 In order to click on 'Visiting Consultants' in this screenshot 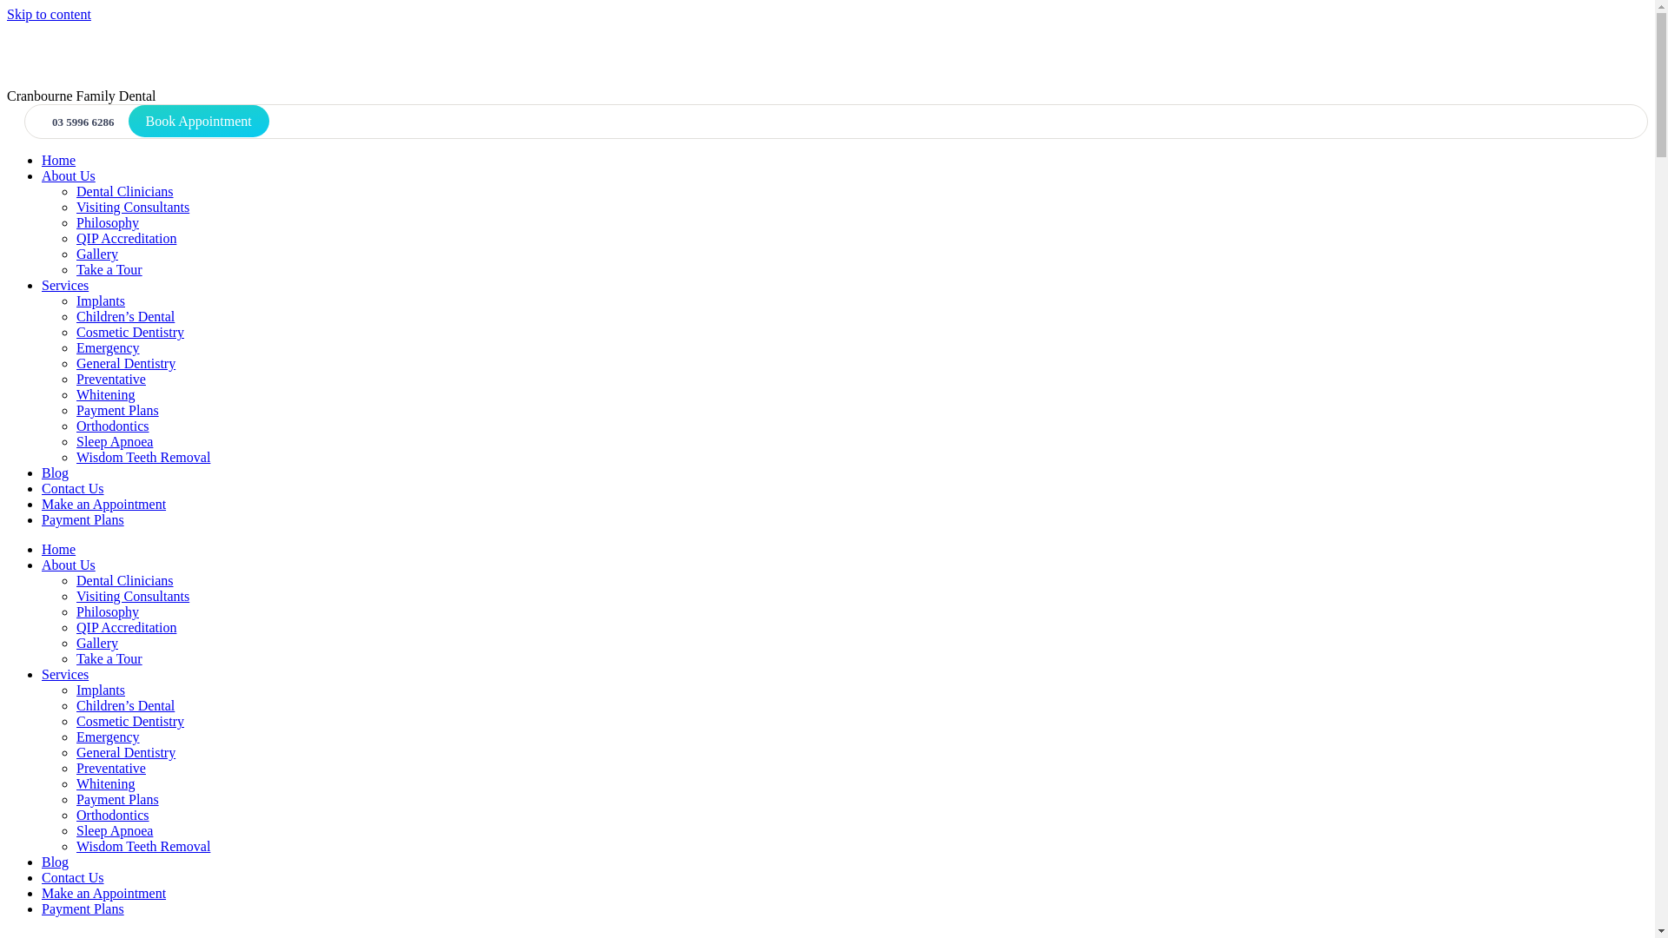, I will do `click(75, 206)`.